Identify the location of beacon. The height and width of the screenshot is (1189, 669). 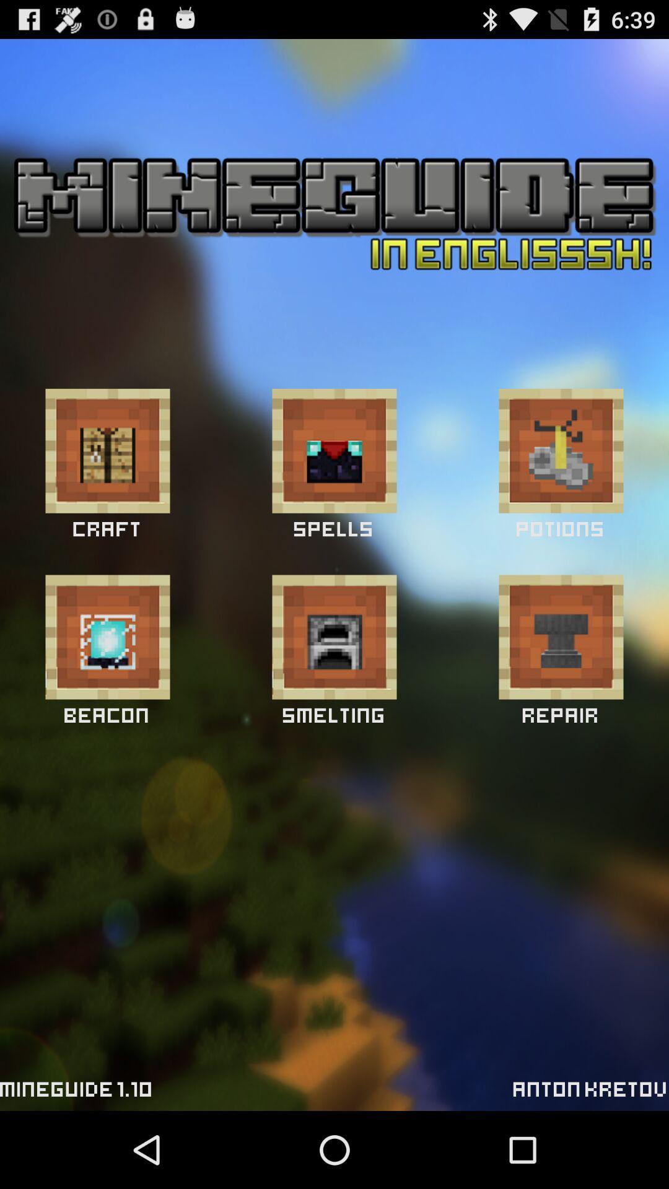
(107, 637).